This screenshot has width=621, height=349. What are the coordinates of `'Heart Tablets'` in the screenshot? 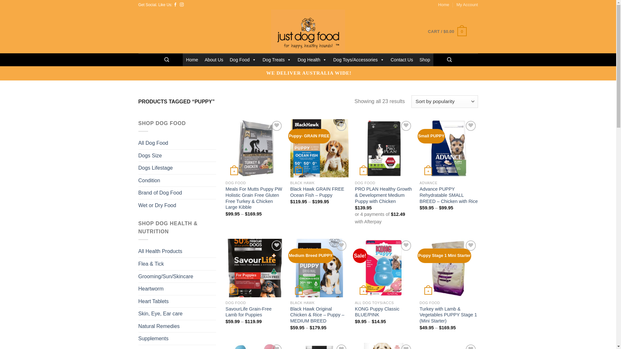 It's located at (138, 301).